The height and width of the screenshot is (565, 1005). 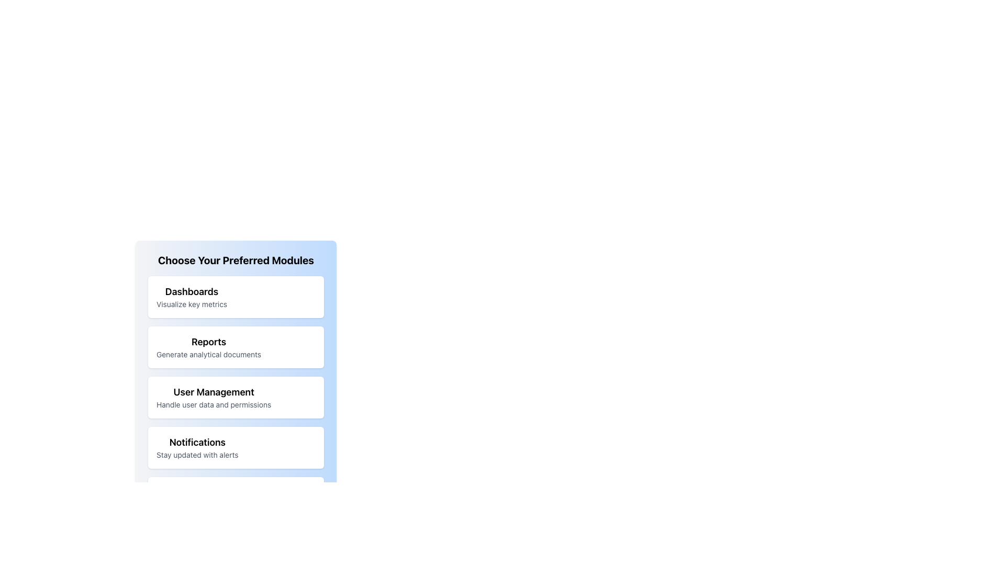 What do you see at coordinates (197, 455) in the screenshot?
I see `the descriptive Text Label located below the 'Notifications' section, which provides supplementary information about notifications` at bounding box center [197, 455].